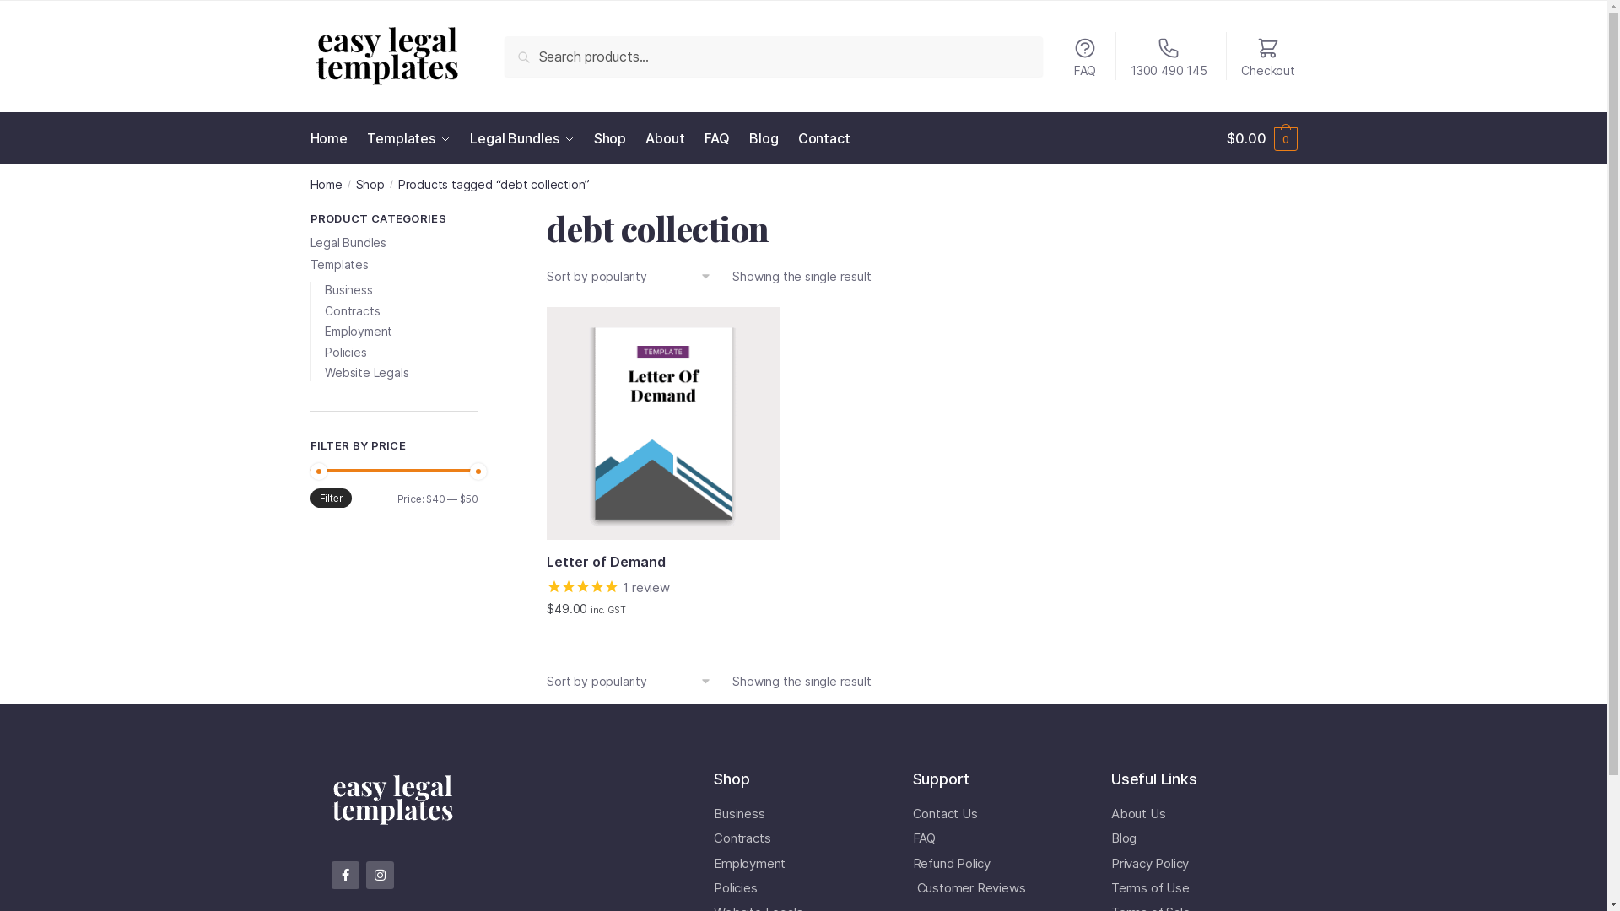 Image resolution: width=1620 pixels, height=911 pixels. I want to click on 'Business', so click(713, 812).